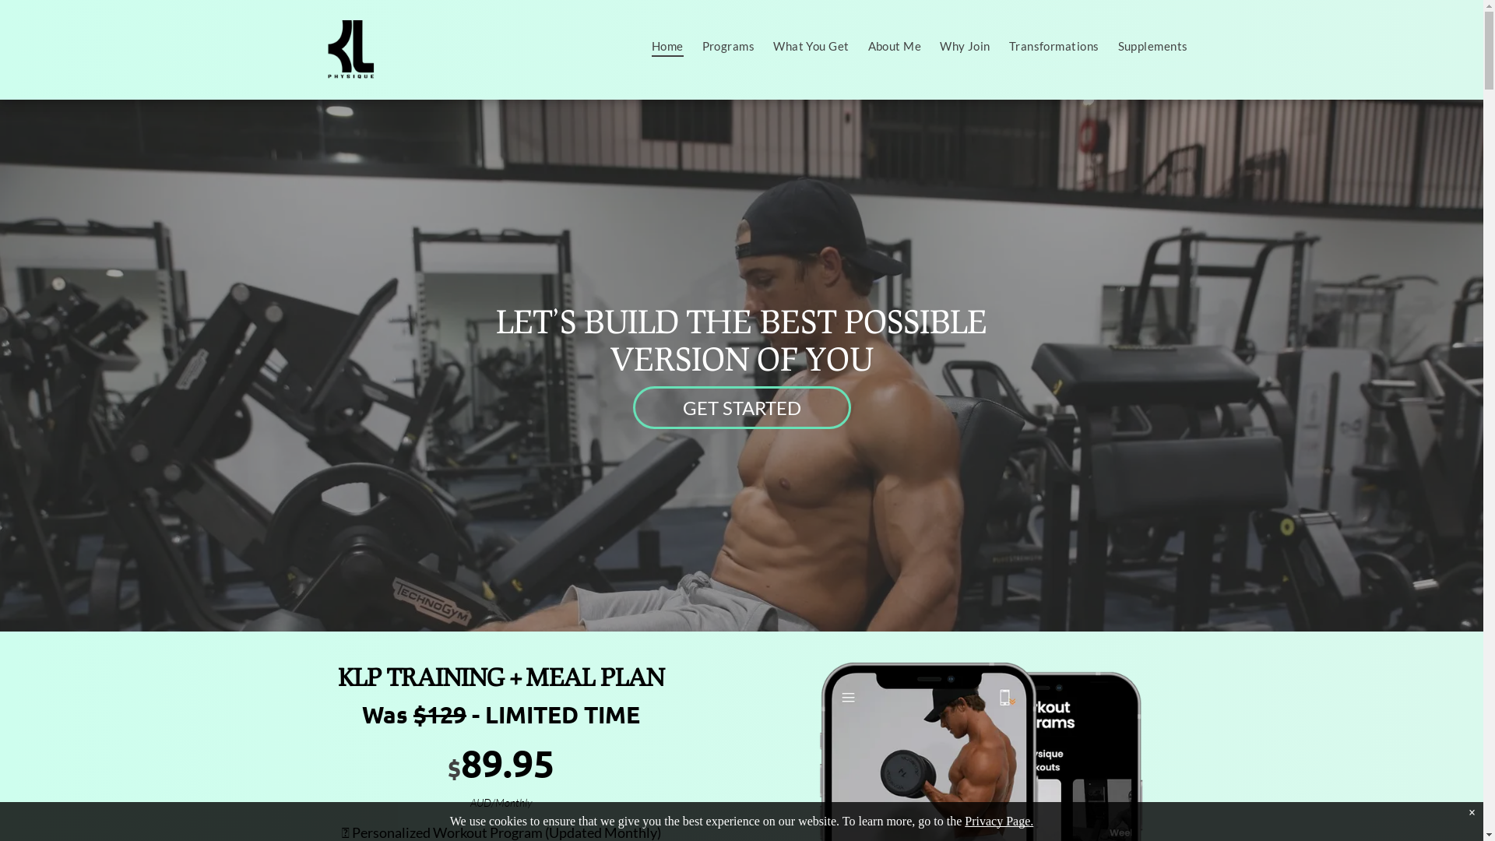 This screenshot has height=841, width=1495. I want to click on 'GET STARTED', so click(740, 406).